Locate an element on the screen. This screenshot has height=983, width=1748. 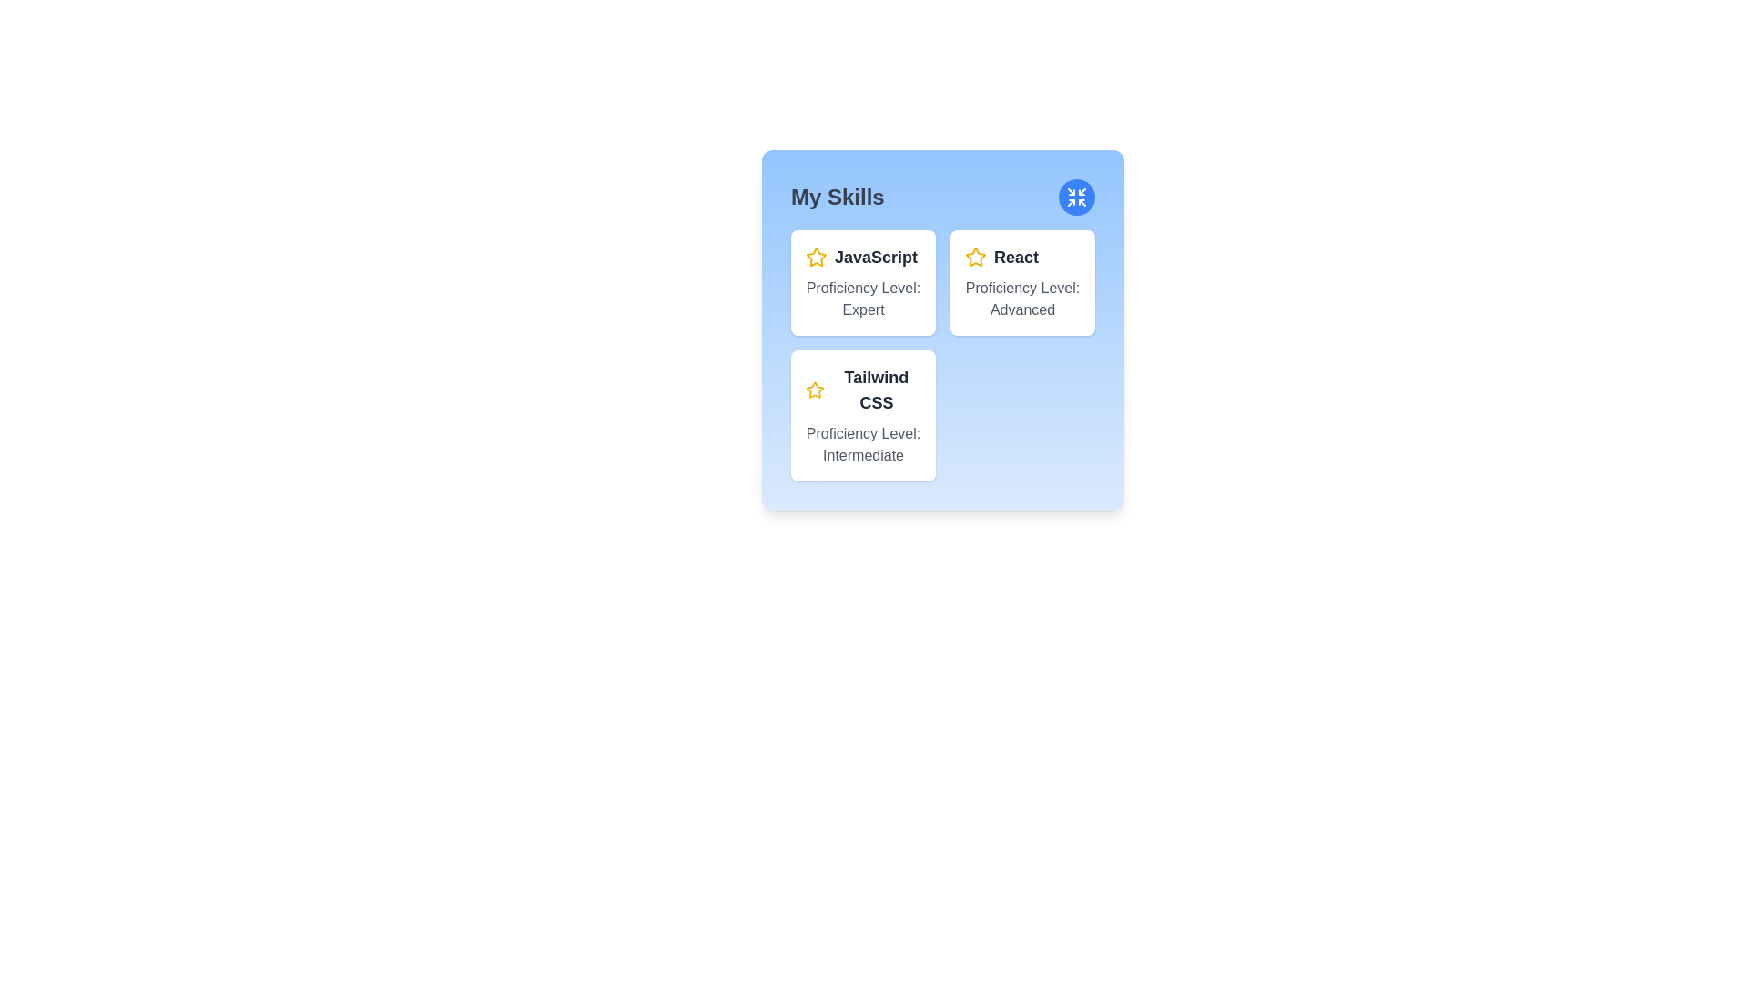
the decorative icon that indicates importance next to the 'JavaScript' label in the top-left skill card within the 'My Skills' section is located at coordinates (816, 257).